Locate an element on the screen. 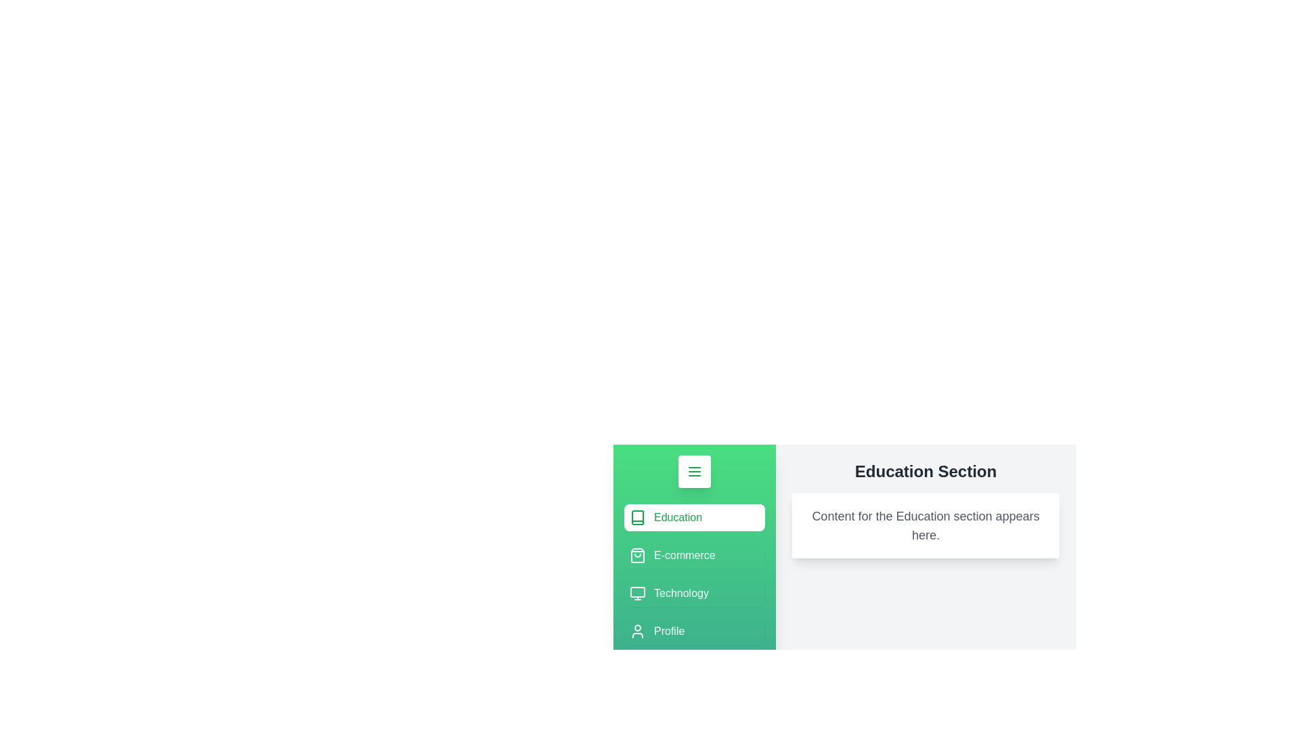 This screenshot has height=731, width=1300. the toggle button to open or close the drawer is located at coordinates (695, 471).